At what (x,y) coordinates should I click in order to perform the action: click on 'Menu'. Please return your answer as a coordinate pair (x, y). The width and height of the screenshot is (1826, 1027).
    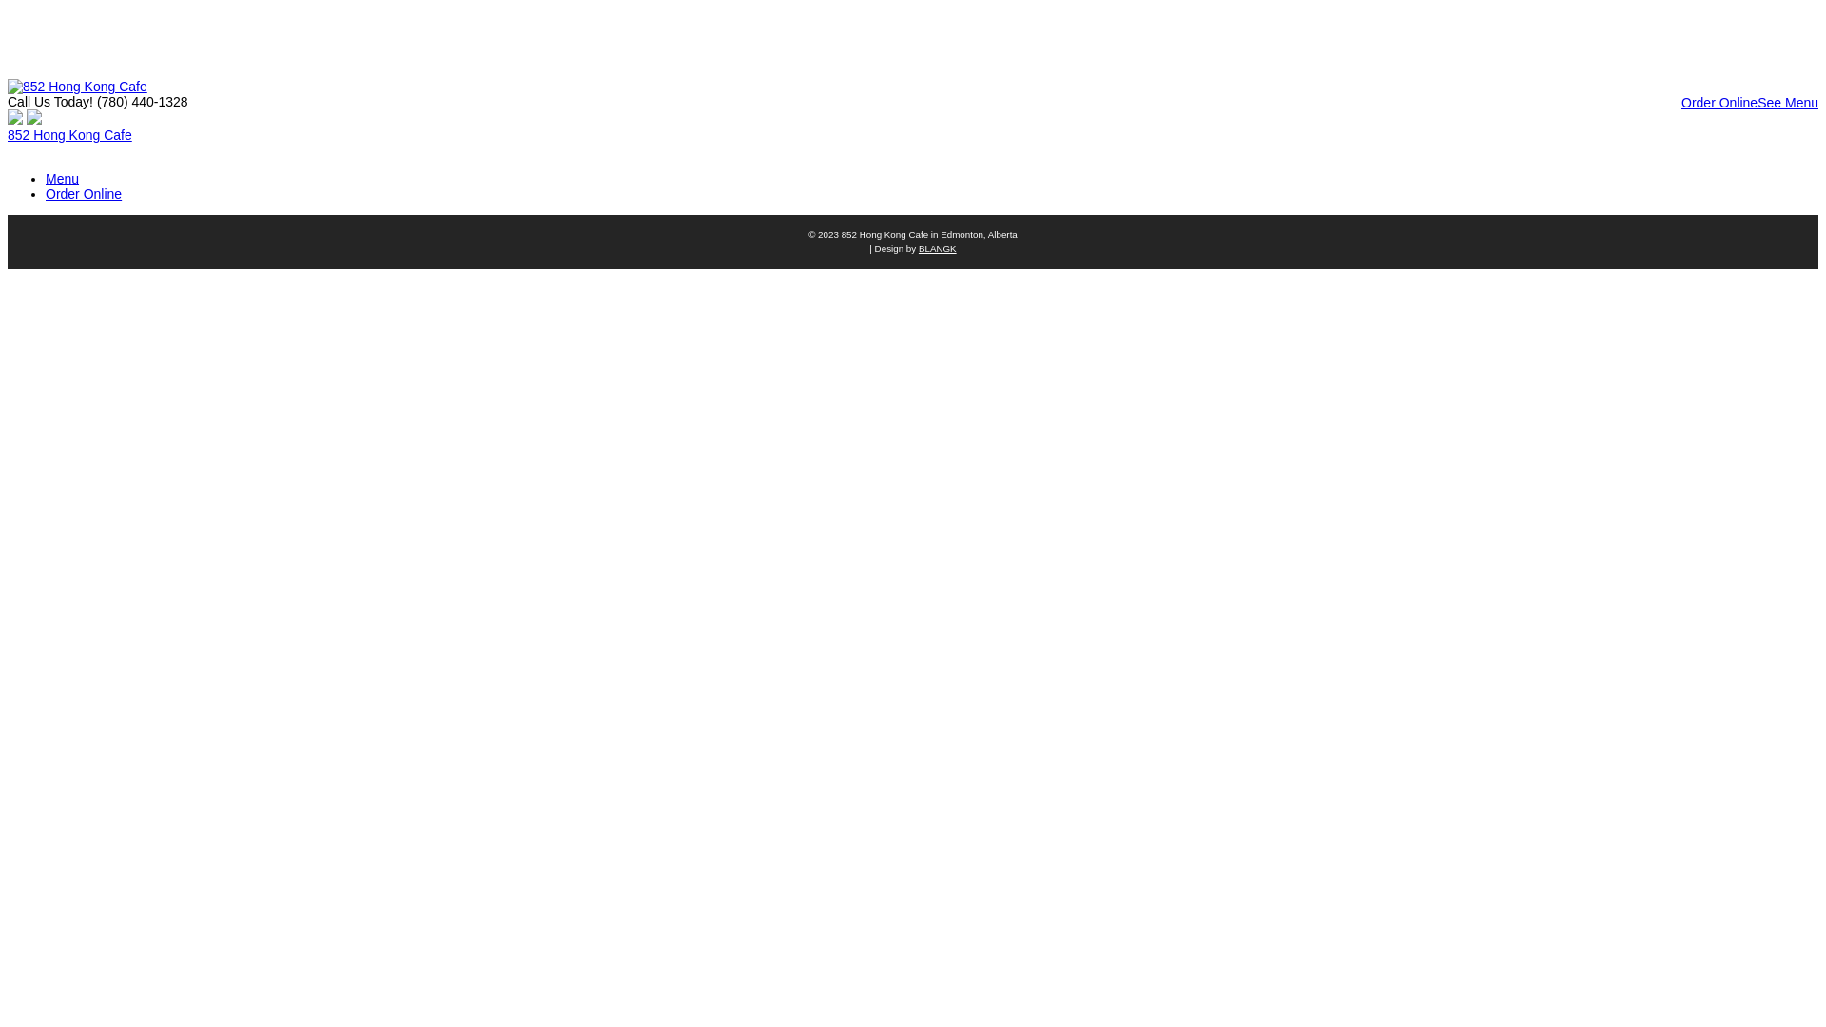
    Looking at the image, I should click on (62, 179).